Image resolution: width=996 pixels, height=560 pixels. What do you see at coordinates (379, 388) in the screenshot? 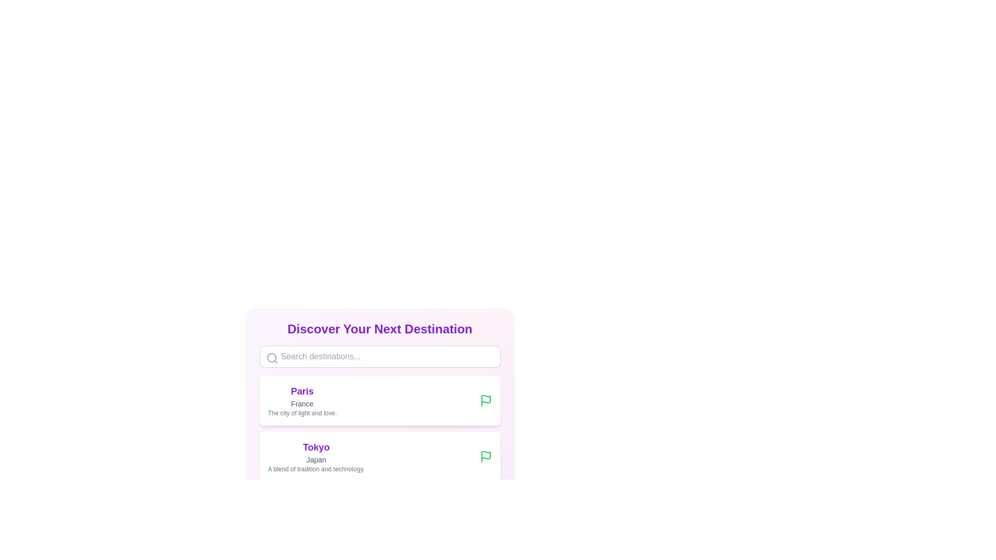
I see `the Information Card for Paris, which is the first entry in a vertical list of destination cards` at bounding box center [379, 388].